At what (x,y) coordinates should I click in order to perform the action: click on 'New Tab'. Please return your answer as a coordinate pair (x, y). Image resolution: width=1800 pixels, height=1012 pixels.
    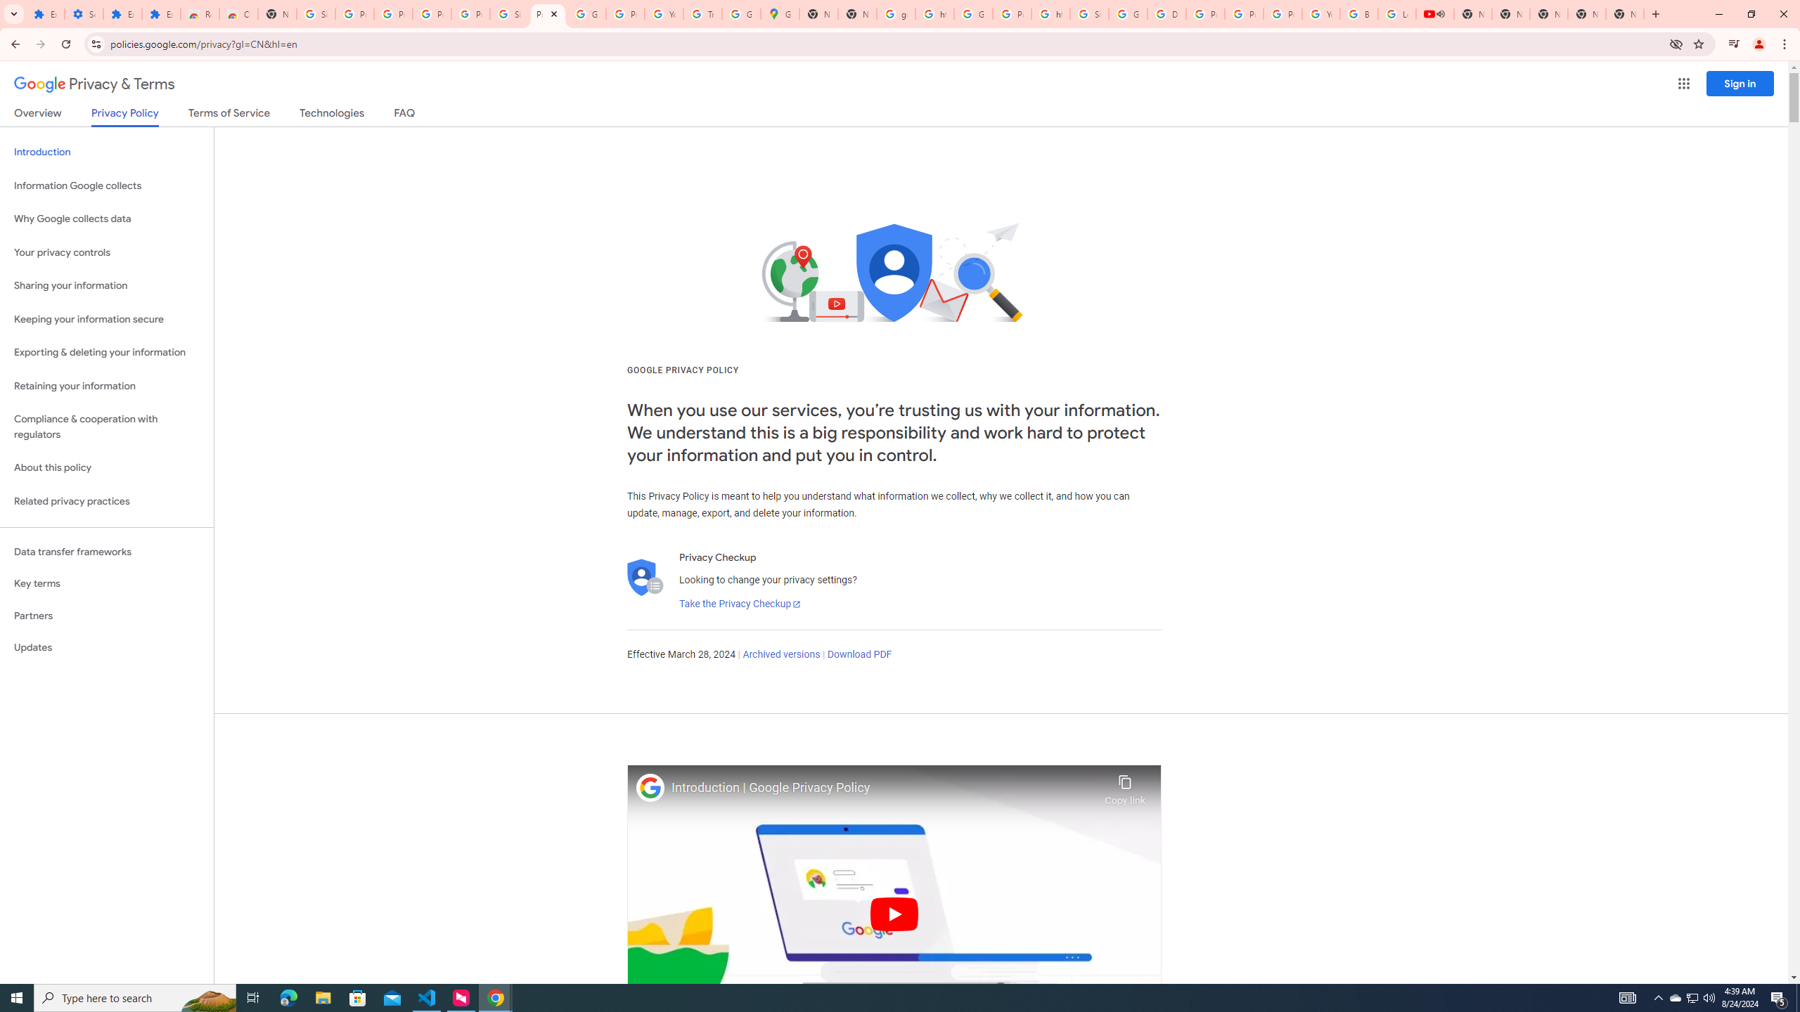
    Looking at the image, I should click on (1625, 13).